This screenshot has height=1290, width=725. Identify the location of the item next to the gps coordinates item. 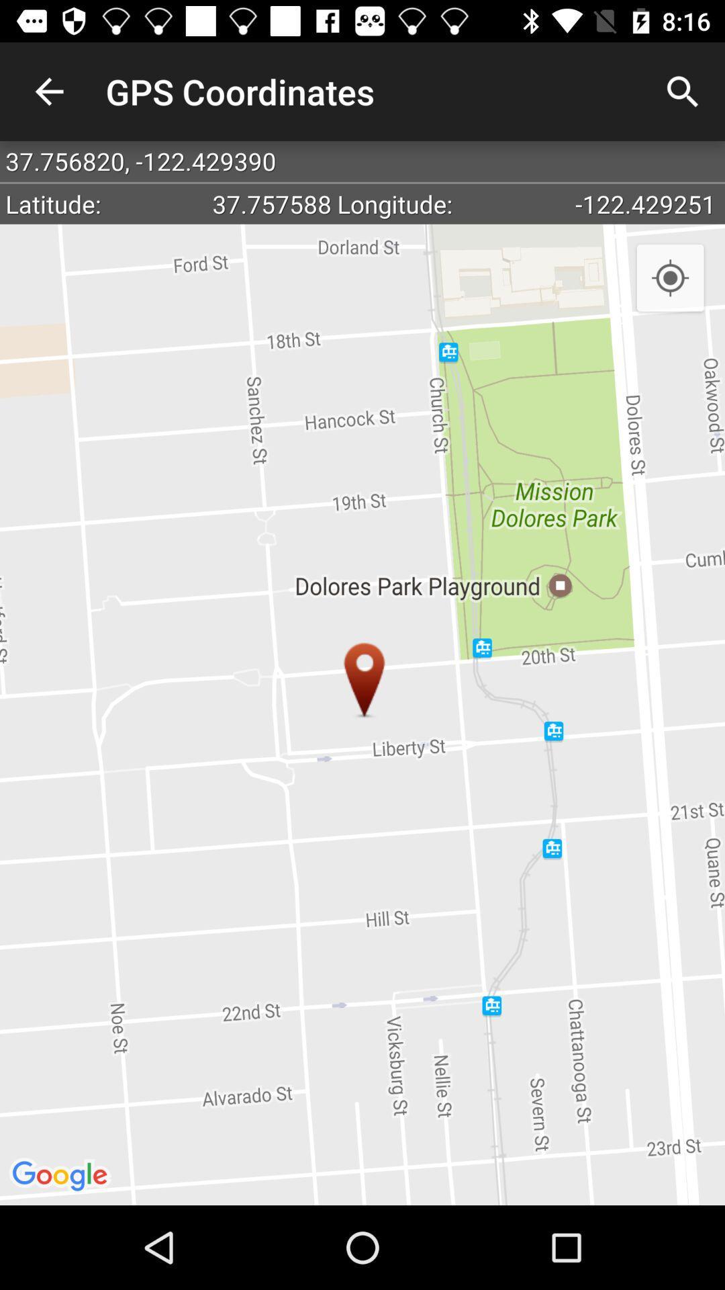
(48, 91).